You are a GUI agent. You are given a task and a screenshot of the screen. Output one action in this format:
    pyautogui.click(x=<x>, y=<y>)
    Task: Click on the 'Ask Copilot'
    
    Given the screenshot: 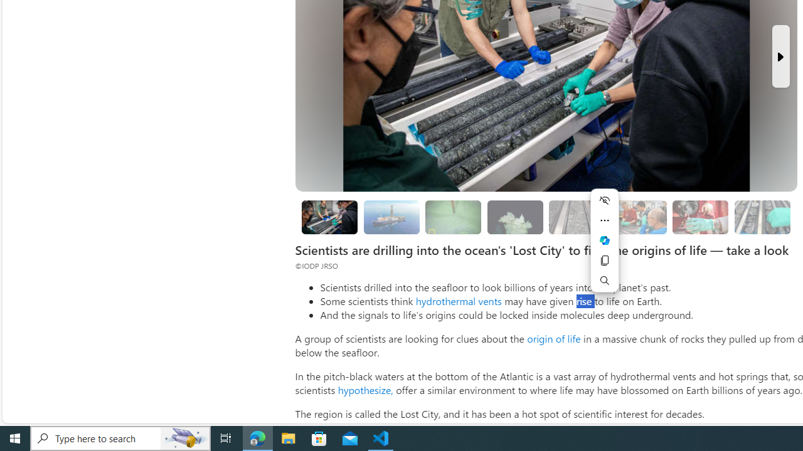 What is the action you would take?
    pyautogui.click(x=604, y=241)
    